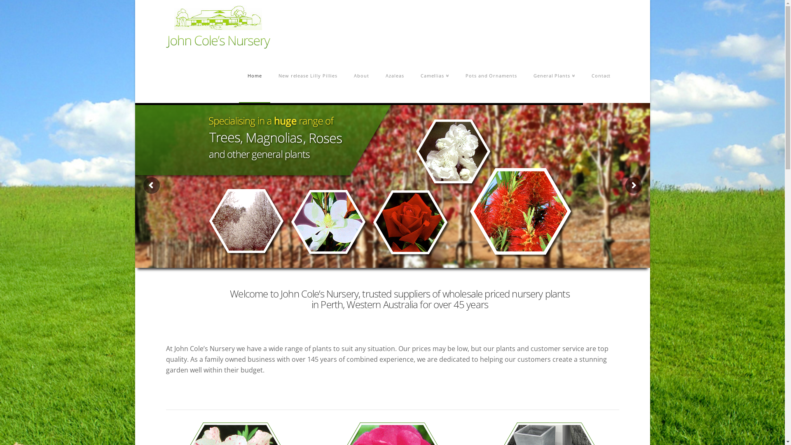  What do you see at coordinates (554, 75) in the screenshot?
I see `'General Plants'` at bounding box center [554, 75].